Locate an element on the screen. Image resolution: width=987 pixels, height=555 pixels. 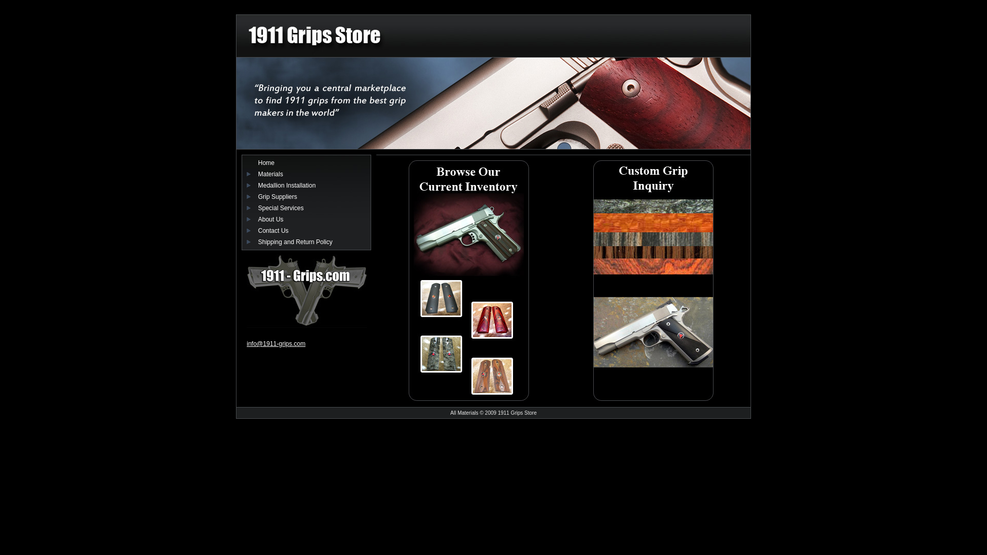
'Home' is located at coordinates (266, 162).